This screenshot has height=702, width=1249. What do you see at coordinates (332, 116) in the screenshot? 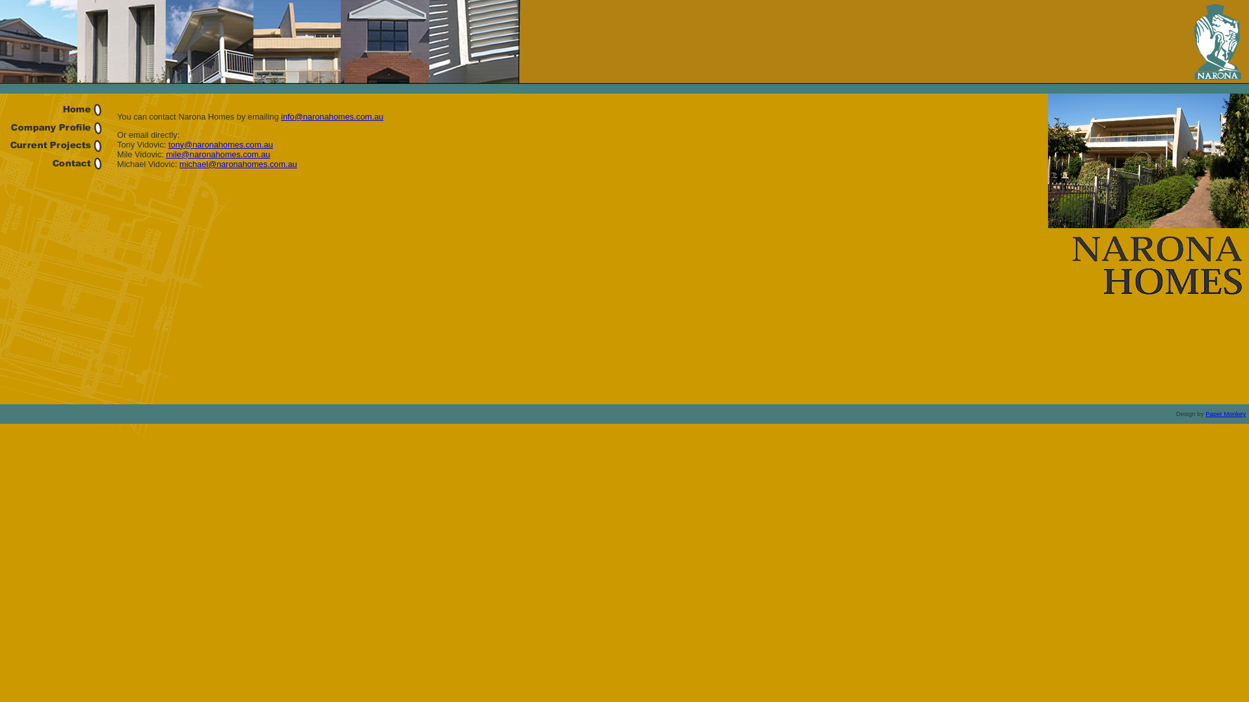
I see `'info@naronahomes.com.au'` at bounding box center [332, 116].